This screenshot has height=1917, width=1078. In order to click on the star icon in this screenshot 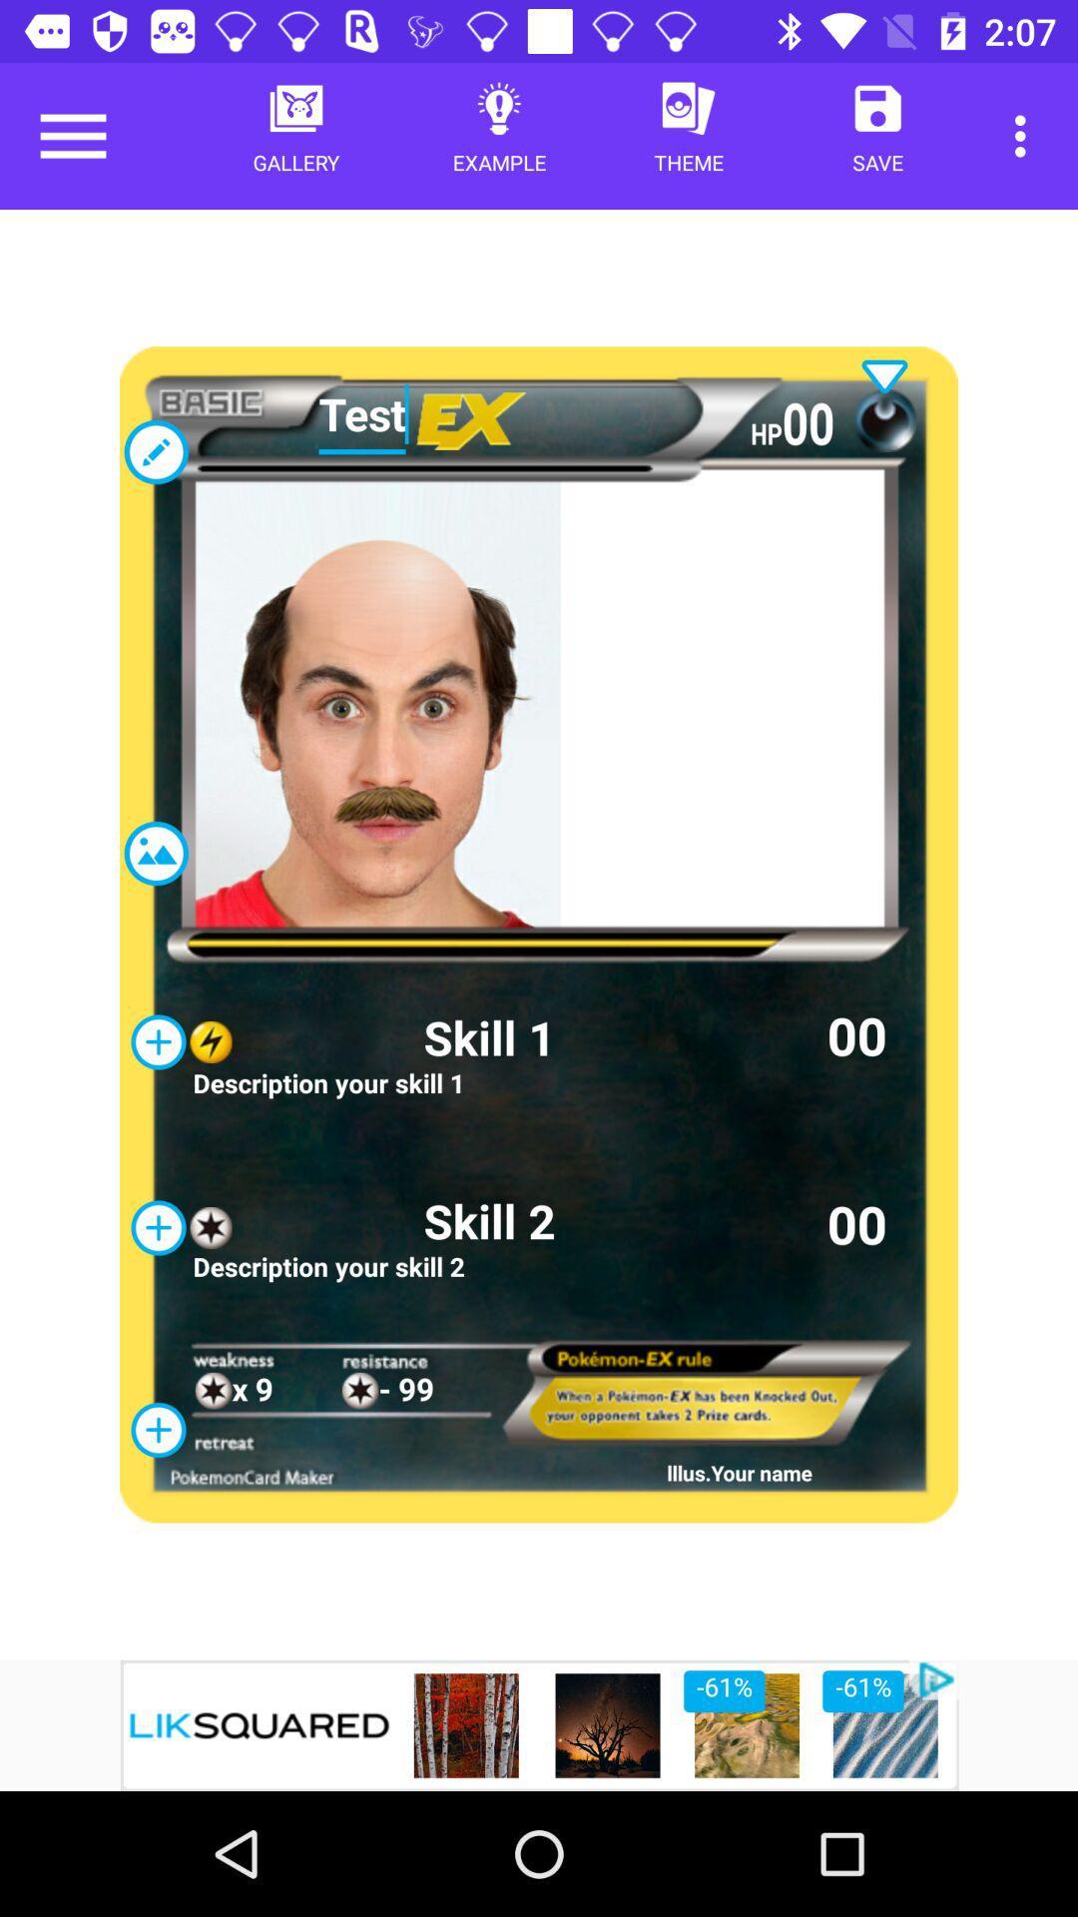, I will do `click(211, 1226)`.